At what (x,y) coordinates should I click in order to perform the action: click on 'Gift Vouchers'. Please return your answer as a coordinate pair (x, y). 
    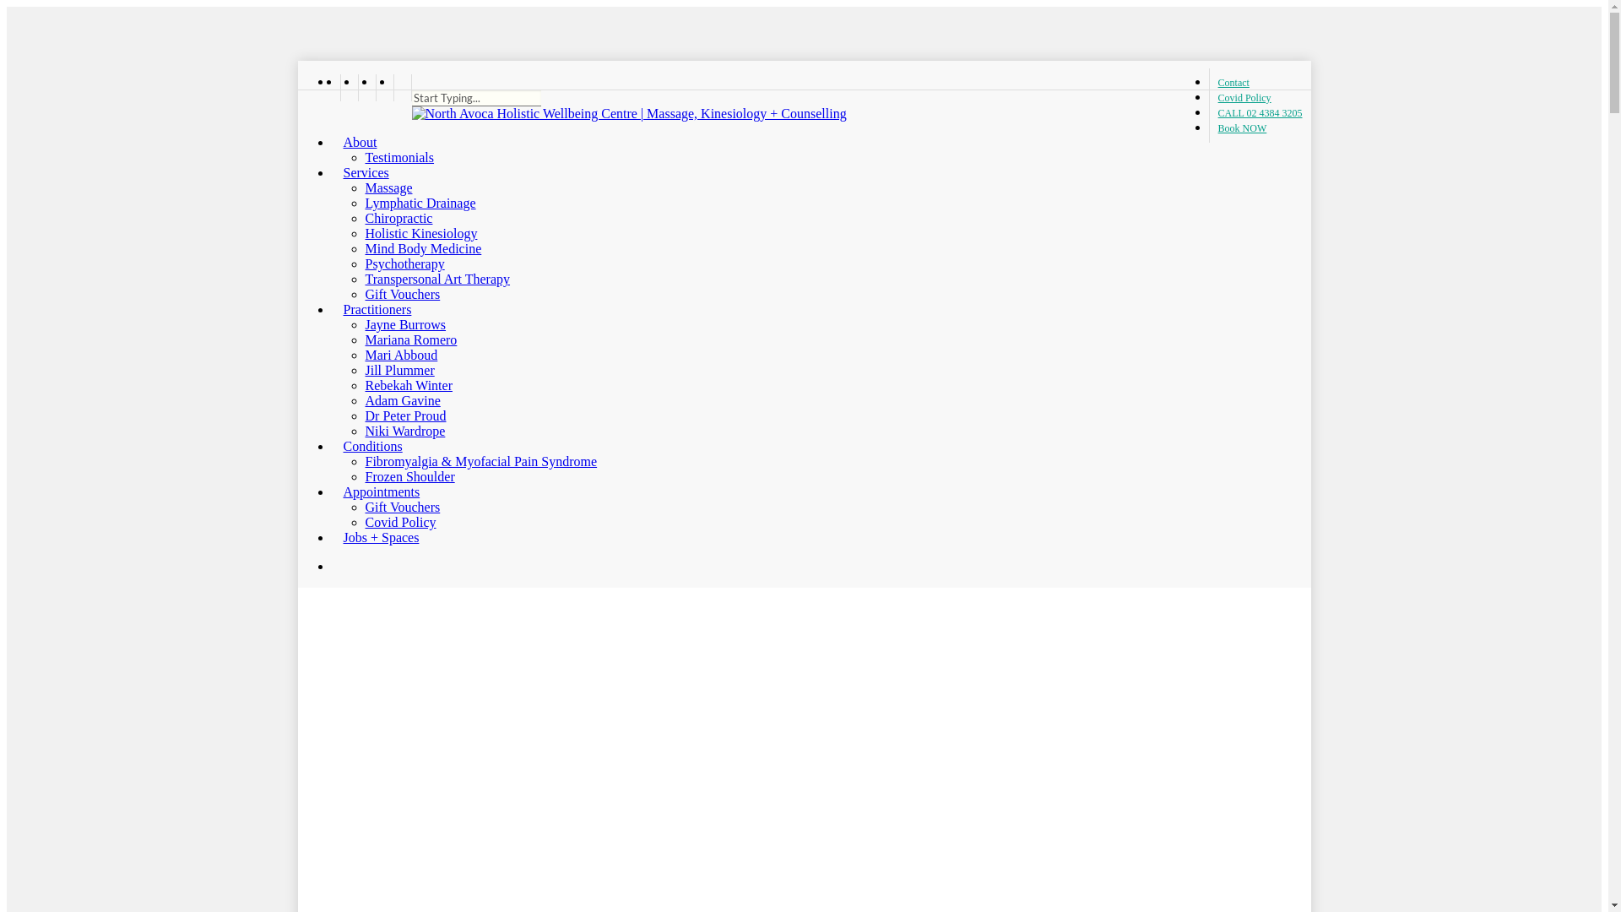
    Looking at the image, I should click on (401, 293).